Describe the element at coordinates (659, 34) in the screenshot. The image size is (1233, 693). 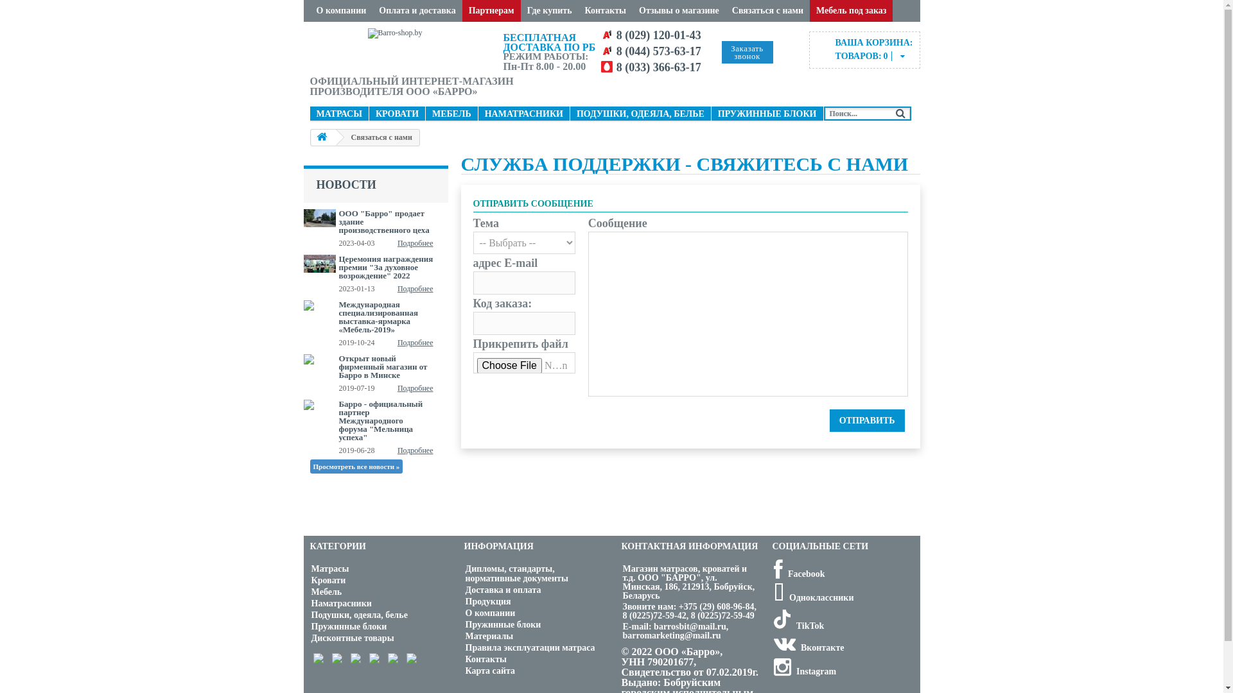
I see `'8 (029) 120-01-43'` at that location.